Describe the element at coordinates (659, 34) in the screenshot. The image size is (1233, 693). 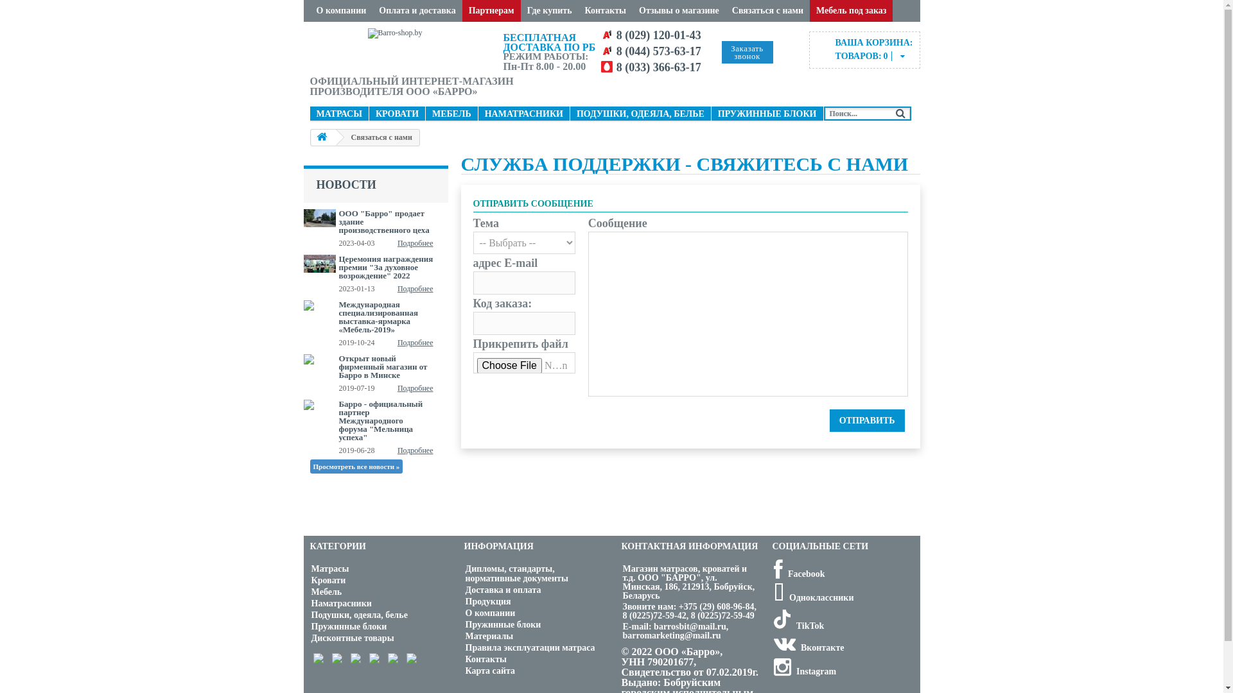
I see `'8 (029) 120-01-43'` at that location.